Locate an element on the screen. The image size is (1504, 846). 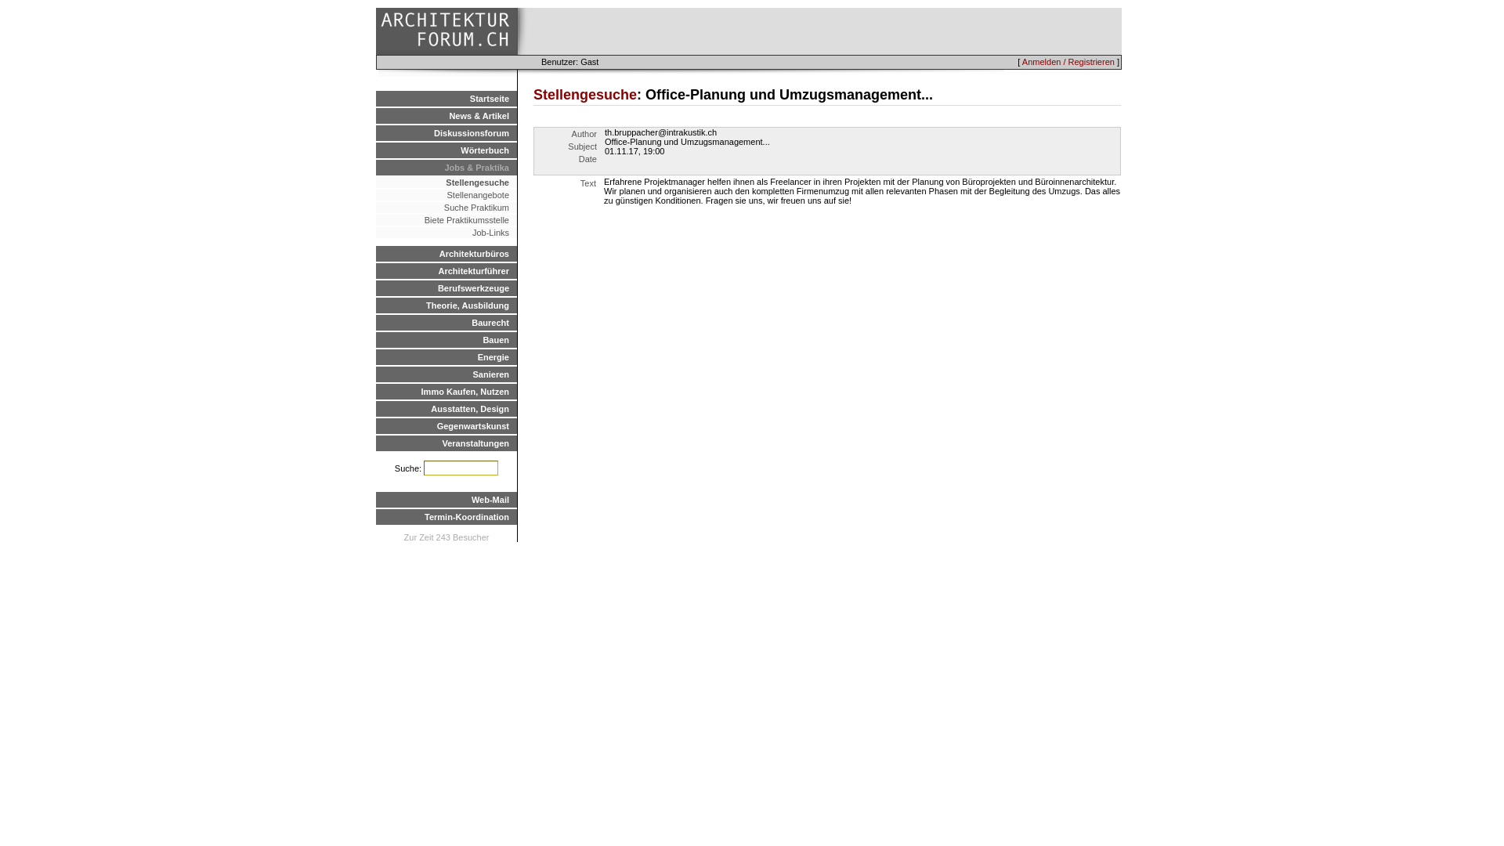
'Theorie, Ausbildung' is located at coordinates (446, 305).